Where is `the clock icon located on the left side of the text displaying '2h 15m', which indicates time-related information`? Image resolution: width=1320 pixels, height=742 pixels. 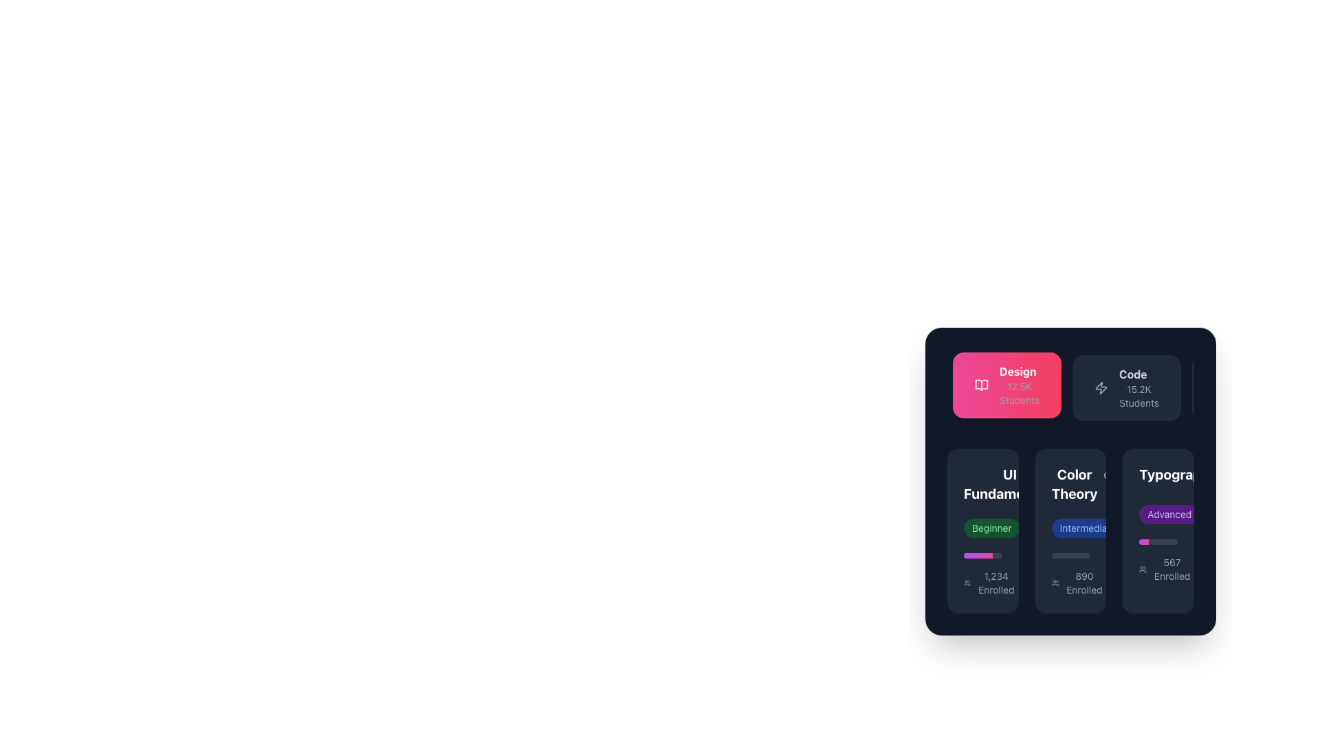 the clock icon located on the left side of the text displaying '2h 15m', which indicates time-related information is located at coordinates (1035, 527).